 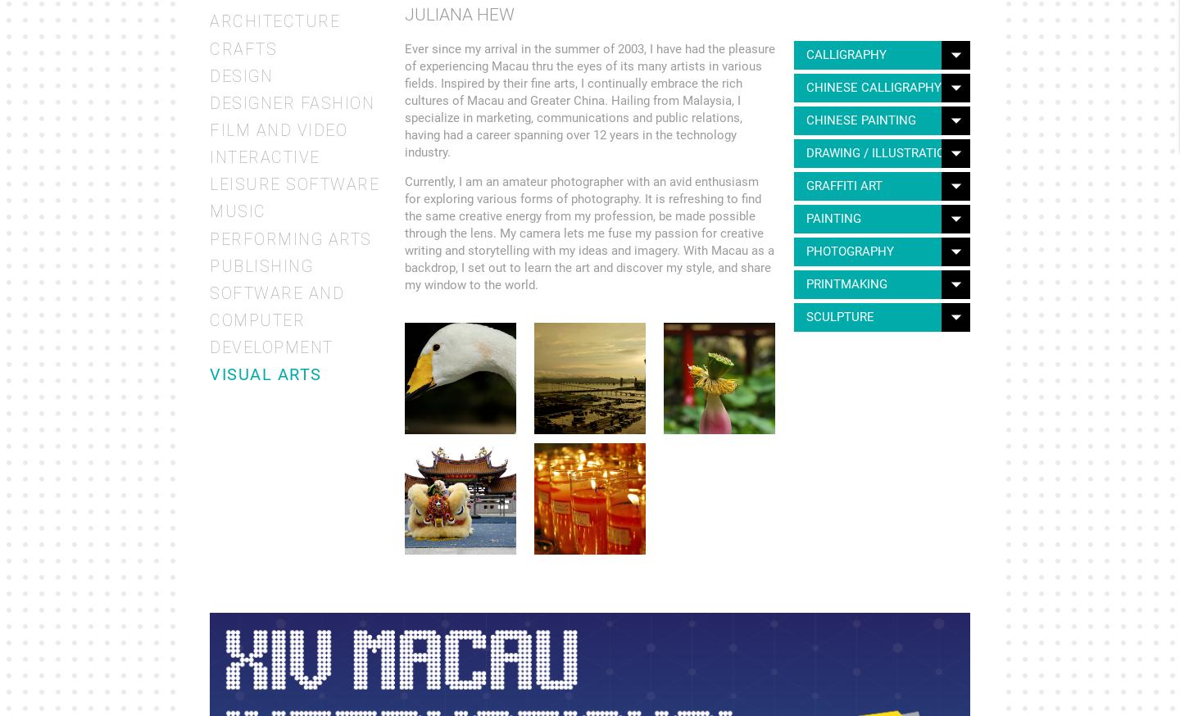 What do you see at coordinates (276, 320) in the screenshot?
I see `'Software and Computer Development'` at bounding box center [276, 320].